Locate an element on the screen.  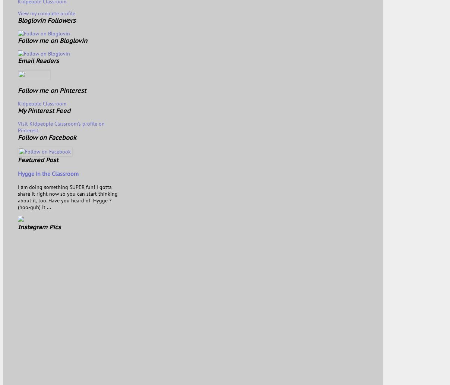
'Bloglovin Followers' is located at coordinates (46, 20).